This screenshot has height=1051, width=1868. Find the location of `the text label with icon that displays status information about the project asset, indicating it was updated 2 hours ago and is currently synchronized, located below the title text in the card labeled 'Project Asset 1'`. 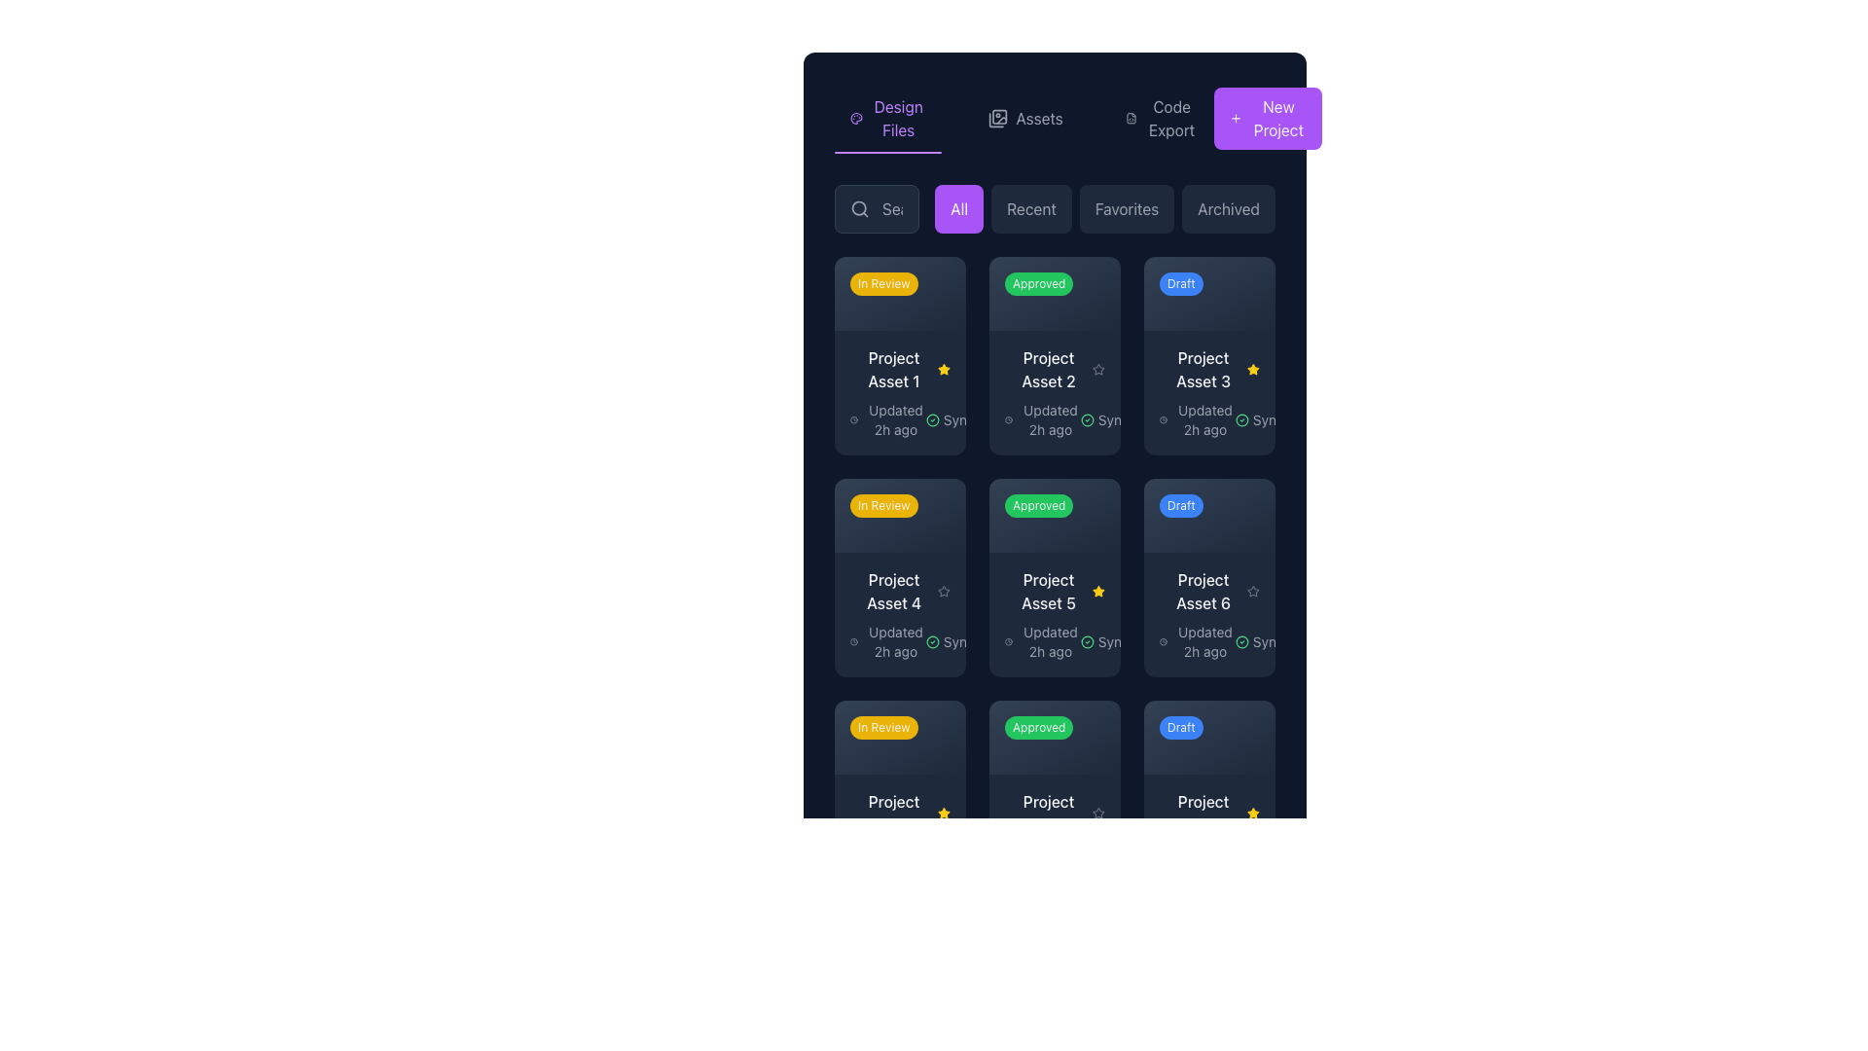

the text label with icon that displays status information about the project asset, indicating it was updated 2 hours ago and is currently synchronized, located below the title text in the card labeled 'Project Asset 1' is located at coordinates (899, 418).